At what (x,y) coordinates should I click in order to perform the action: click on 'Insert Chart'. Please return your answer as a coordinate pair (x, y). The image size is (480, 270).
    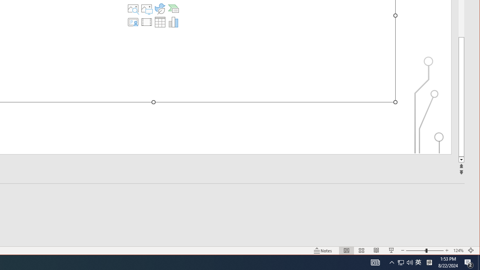
    Looking at the image, I should click on (173, 22).